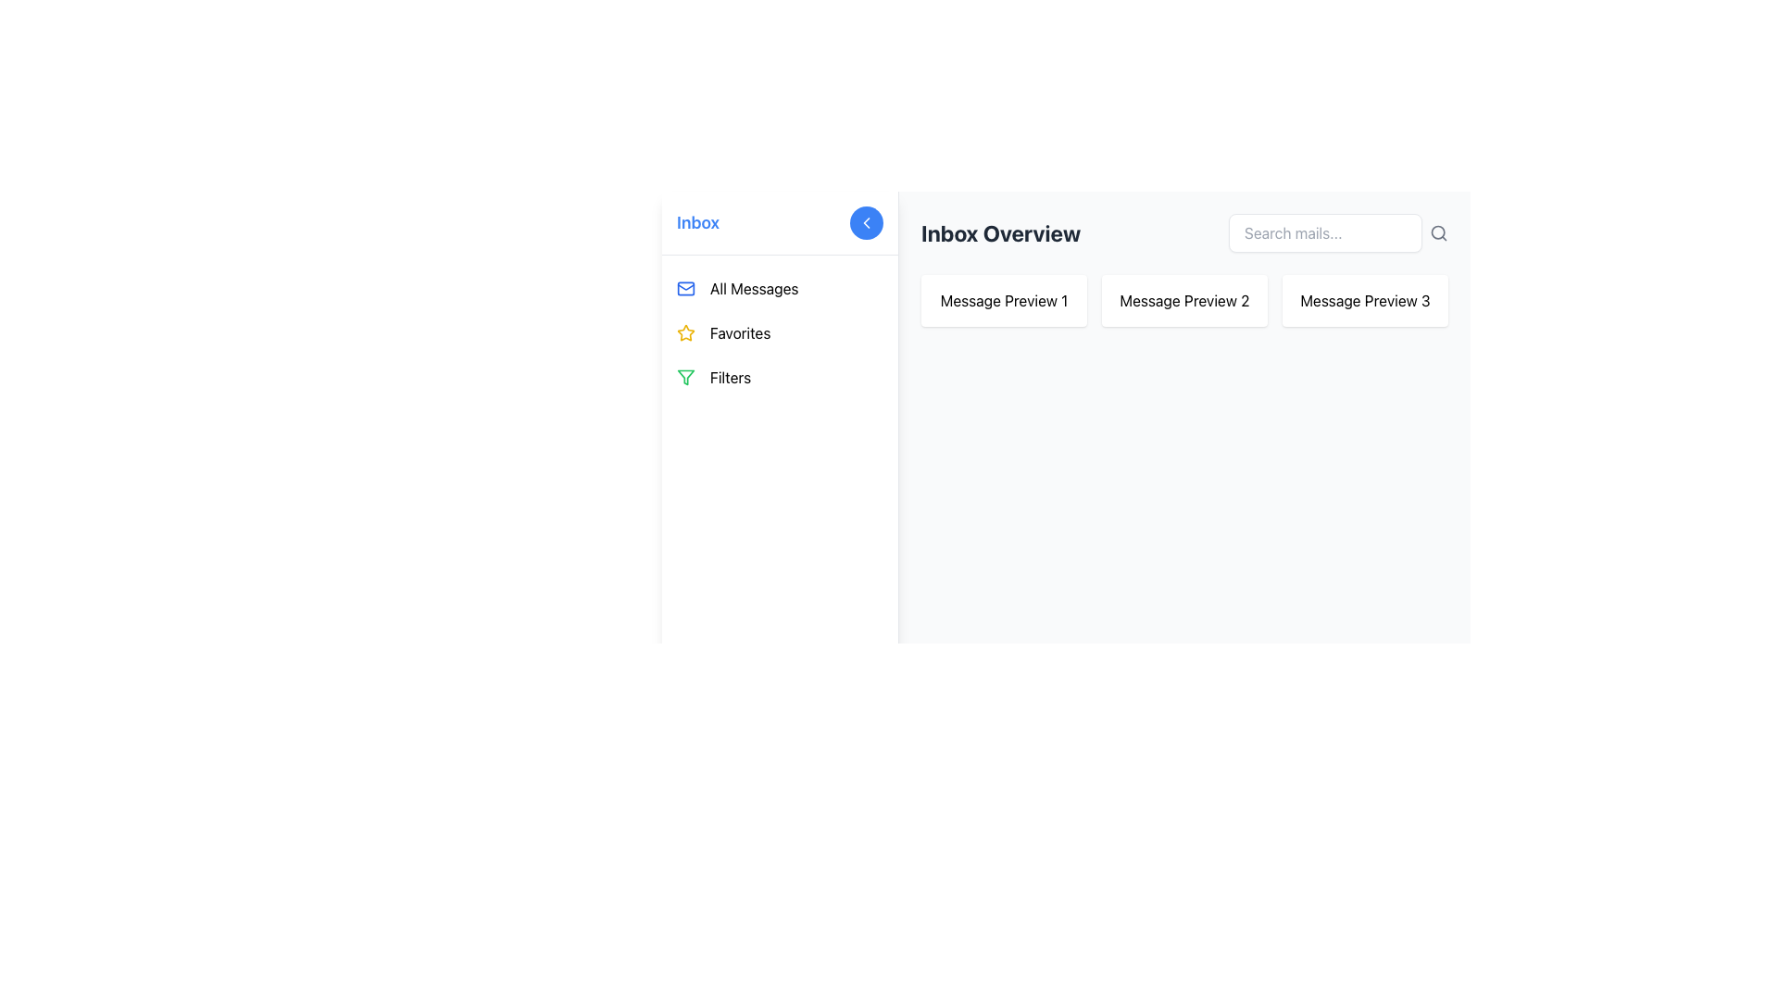  I want to click on text label that serves as a title or heading for the overview section of the inbox, located to the left of the search bar, so click(1000, 231).